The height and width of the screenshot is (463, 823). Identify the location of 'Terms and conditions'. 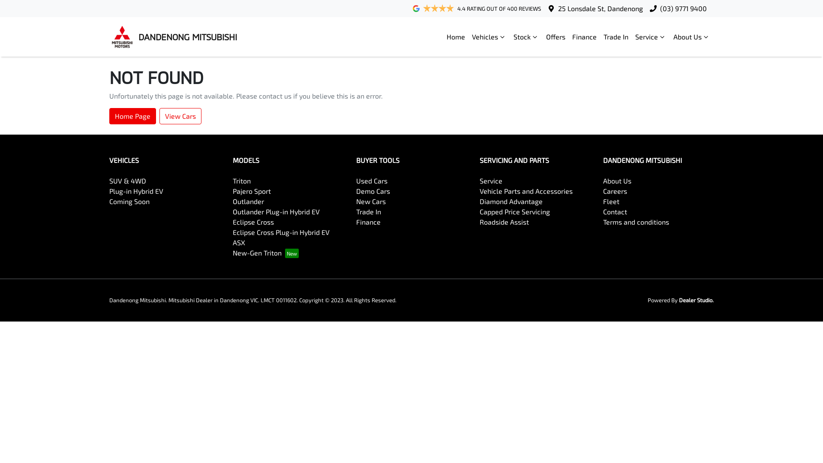
(636, 221).